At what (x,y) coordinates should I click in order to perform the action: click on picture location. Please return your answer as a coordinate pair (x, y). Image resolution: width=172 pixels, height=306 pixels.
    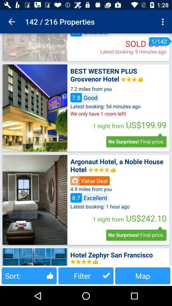
    Looking at the image, I should click on (35, 47).